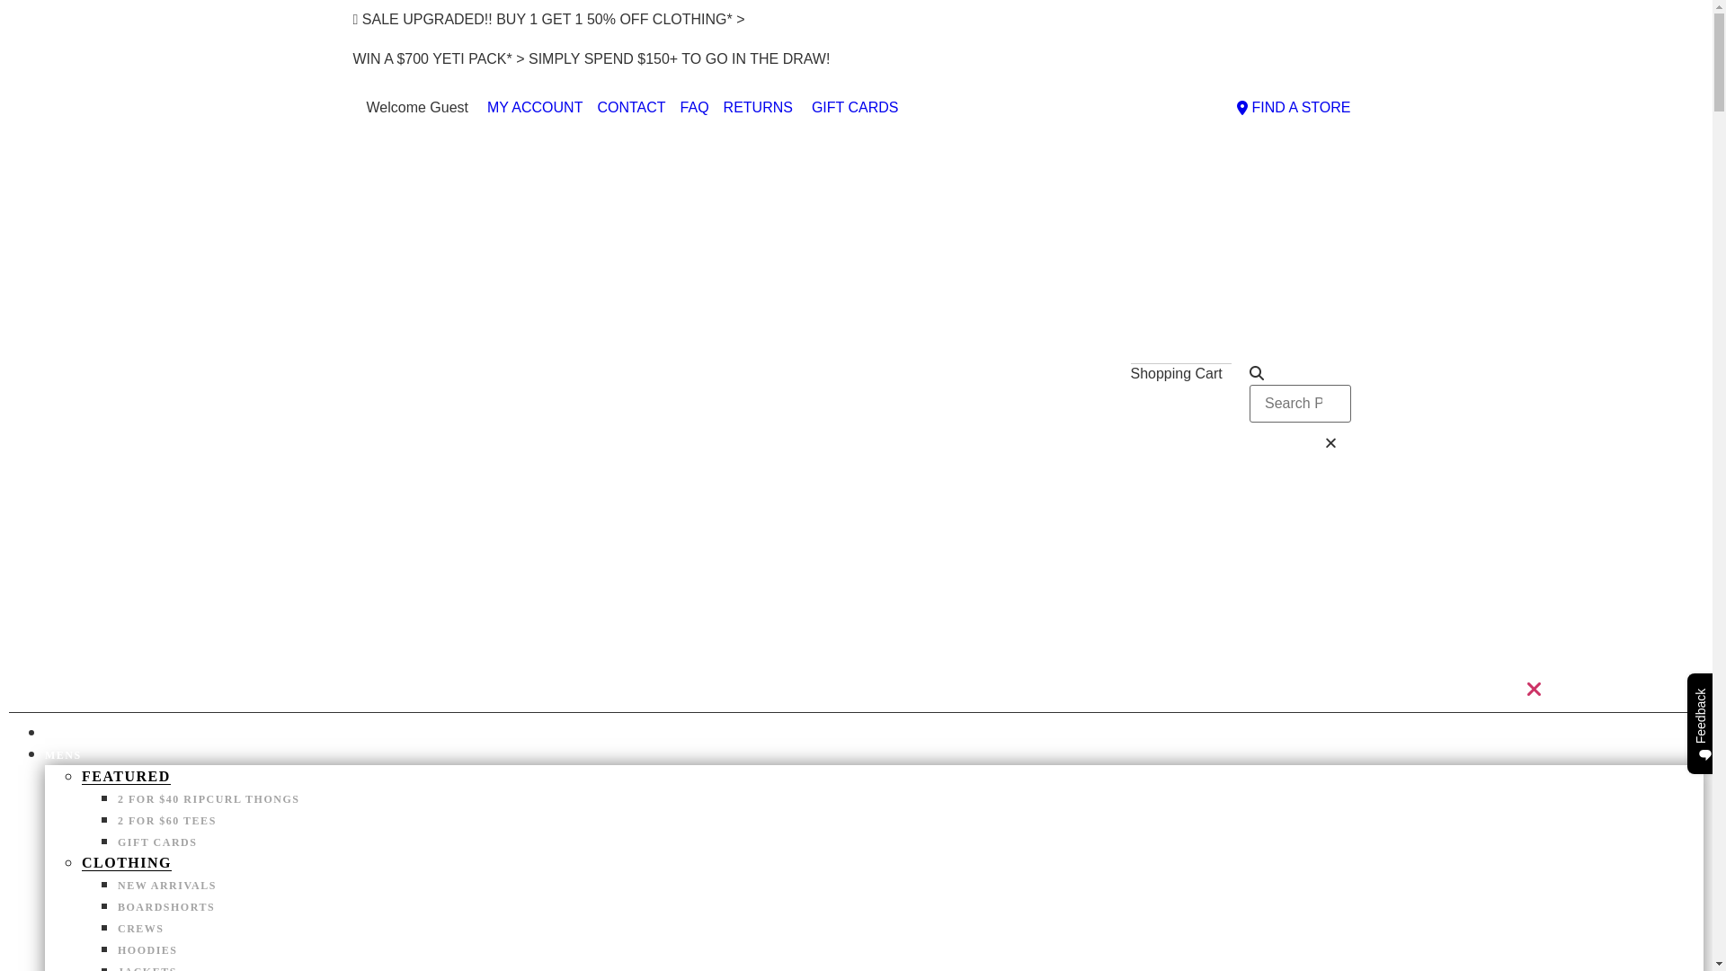  I want to click on 'BOARDSHORTS', so click(166, 907).